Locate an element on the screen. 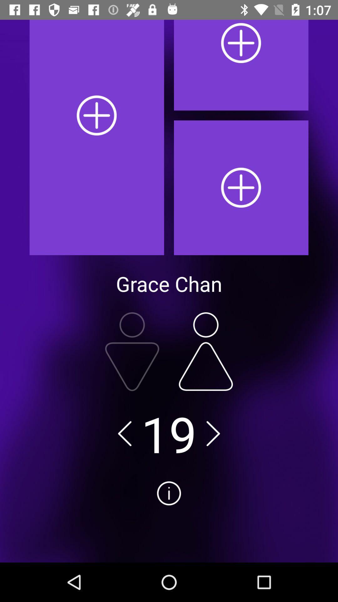 The image size is (338, 602). go back is located at coordinates (125, 433).